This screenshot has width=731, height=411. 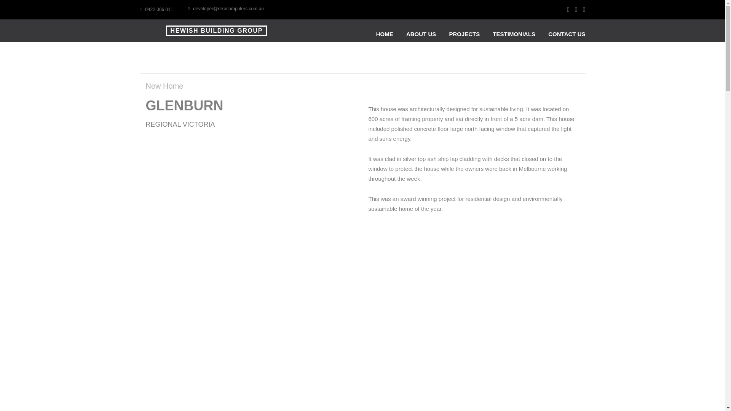 I want to click on 'ABOUT US', so click(x=405, y=33).